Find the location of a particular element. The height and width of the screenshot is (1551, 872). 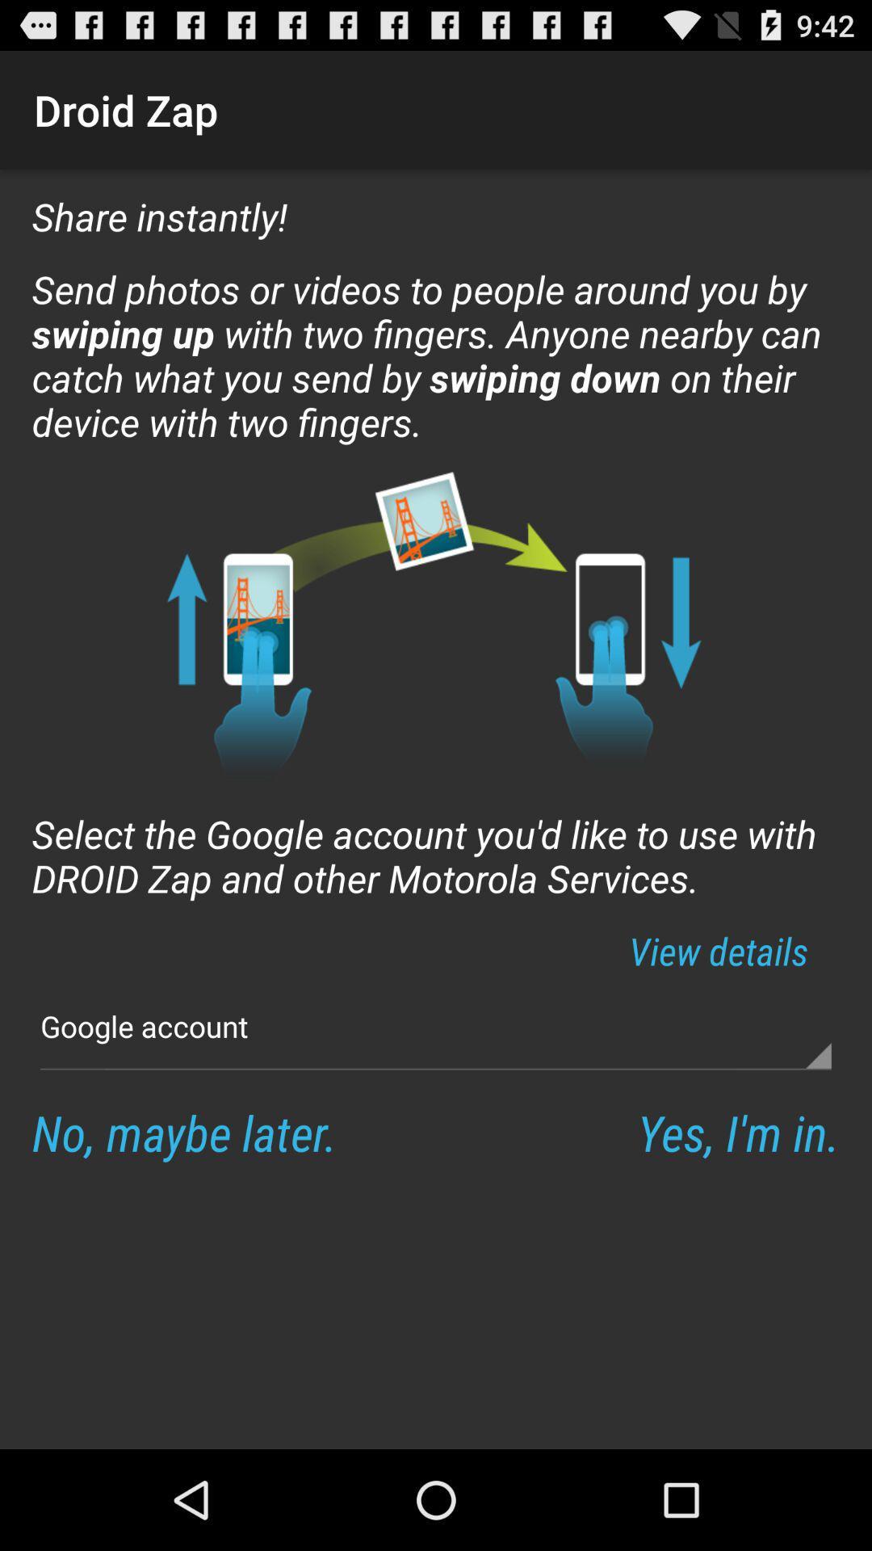

the yes i m app is located at coordinates (738, 1131).